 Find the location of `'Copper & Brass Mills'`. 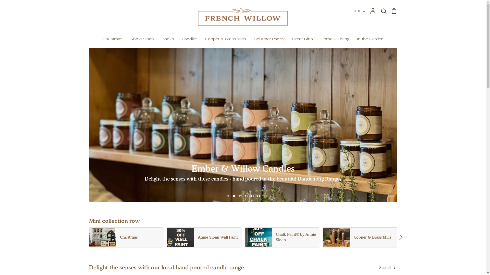

'Copper & Brass Mills' is located at coordinates (225, 39).